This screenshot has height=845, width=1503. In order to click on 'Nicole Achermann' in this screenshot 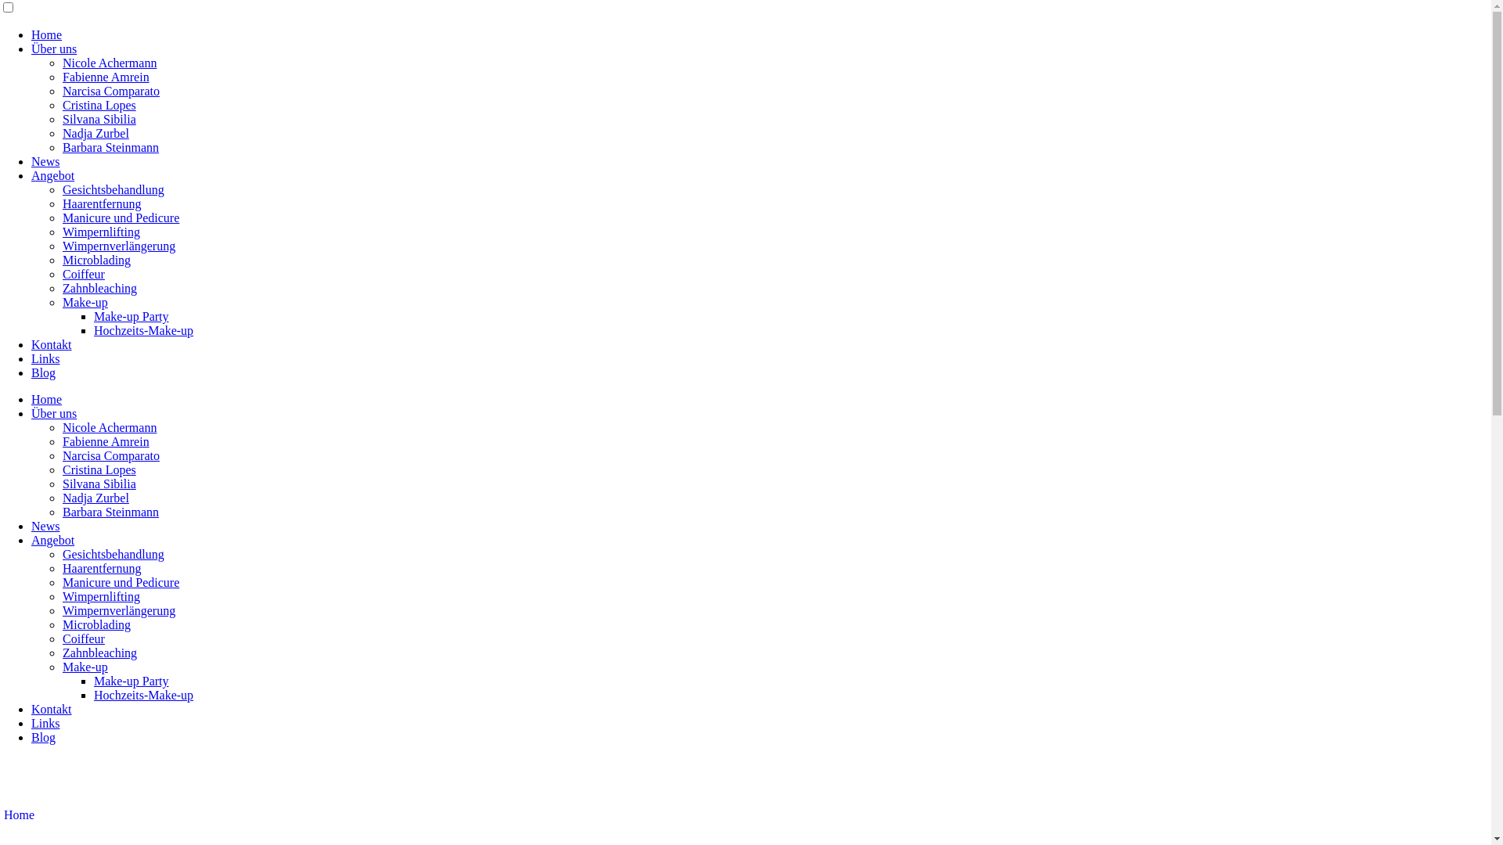, I will do `click(108, 62)`.